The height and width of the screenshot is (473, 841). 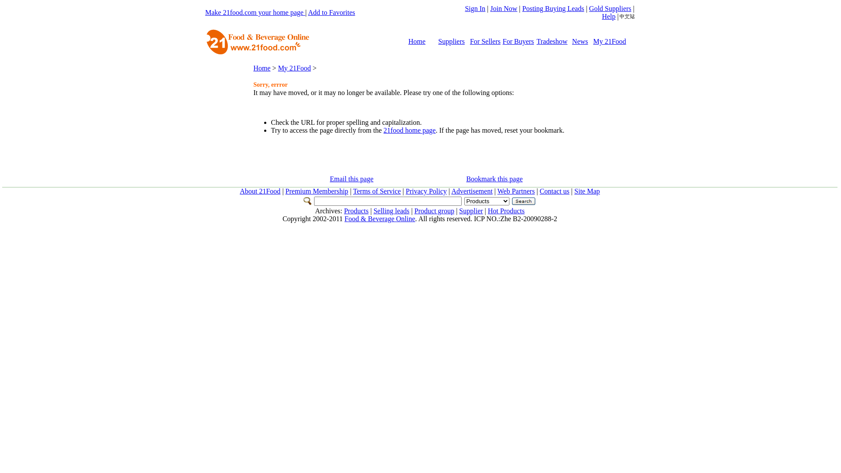 What do you see at coordinates (416, 41) in the screenshot?
I see `'Home'` at bounding box center [416, 41].